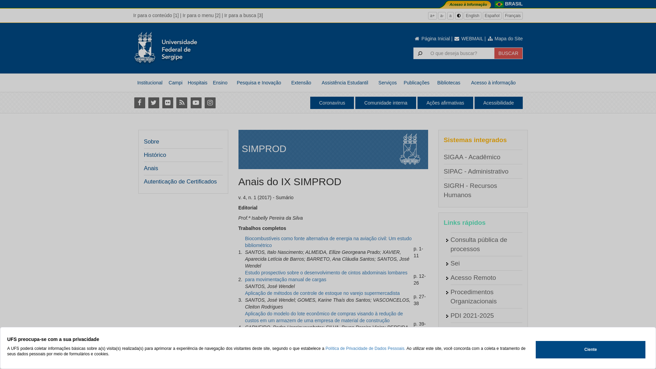 The image size is (656, 369). I want to click on 'RSS', so click(182, 102).